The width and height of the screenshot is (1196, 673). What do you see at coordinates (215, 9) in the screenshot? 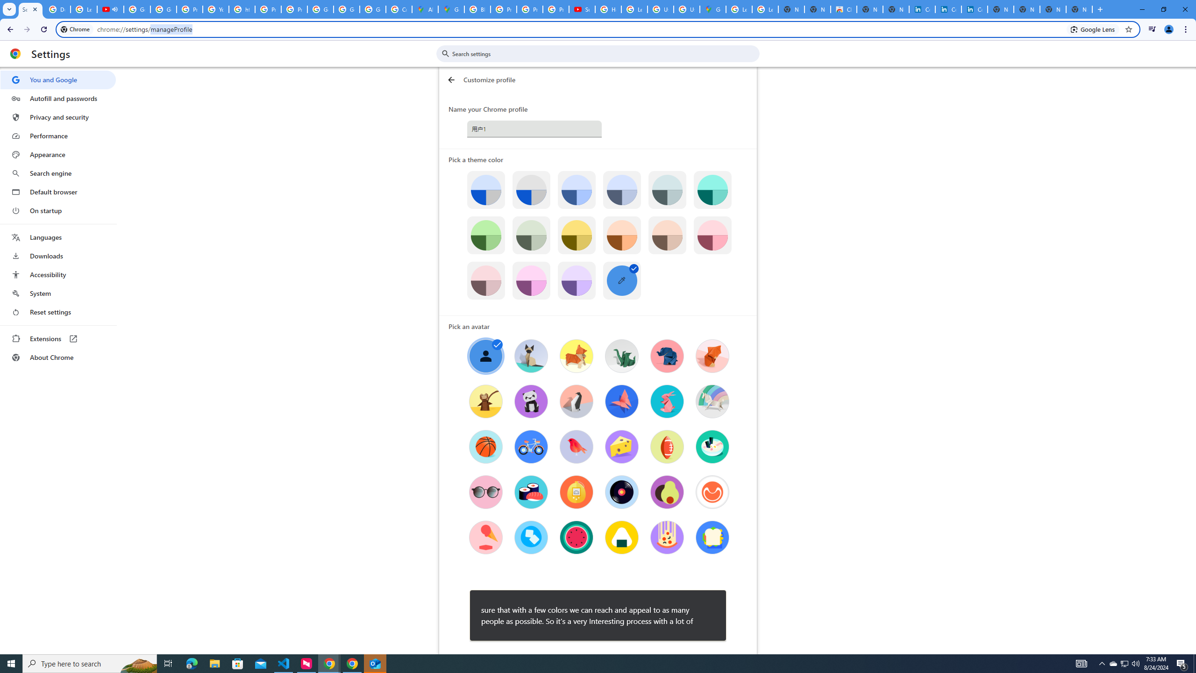
I see `'YouTube'` at bounding box center [215, 9].